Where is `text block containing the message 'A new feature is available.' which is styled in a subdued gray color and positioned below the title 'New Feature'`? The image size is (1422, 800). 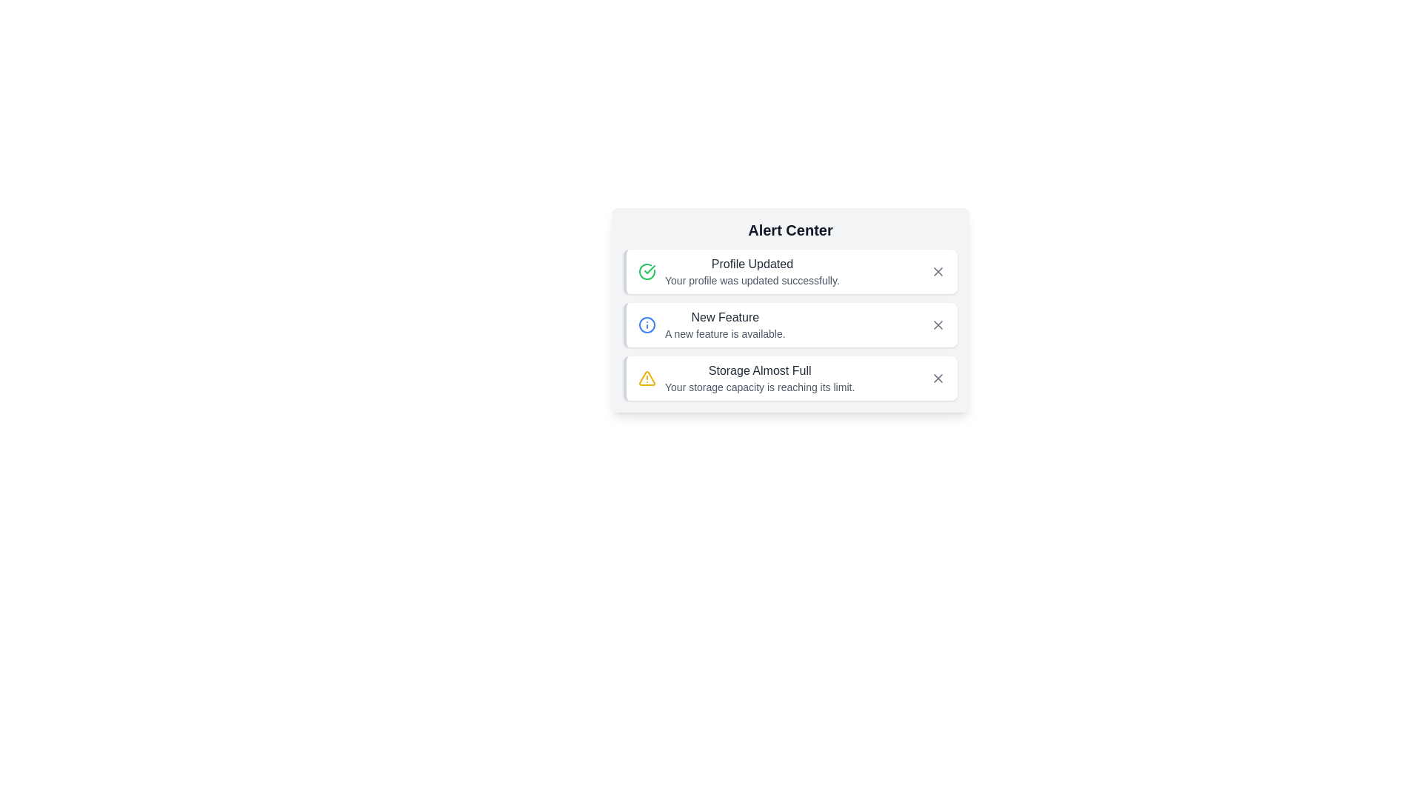
text block containing the message 'A new feature is available.' which is styled in a subdued gray color and positioned below the title 'New Feature' is located at coordinates (725, 334).